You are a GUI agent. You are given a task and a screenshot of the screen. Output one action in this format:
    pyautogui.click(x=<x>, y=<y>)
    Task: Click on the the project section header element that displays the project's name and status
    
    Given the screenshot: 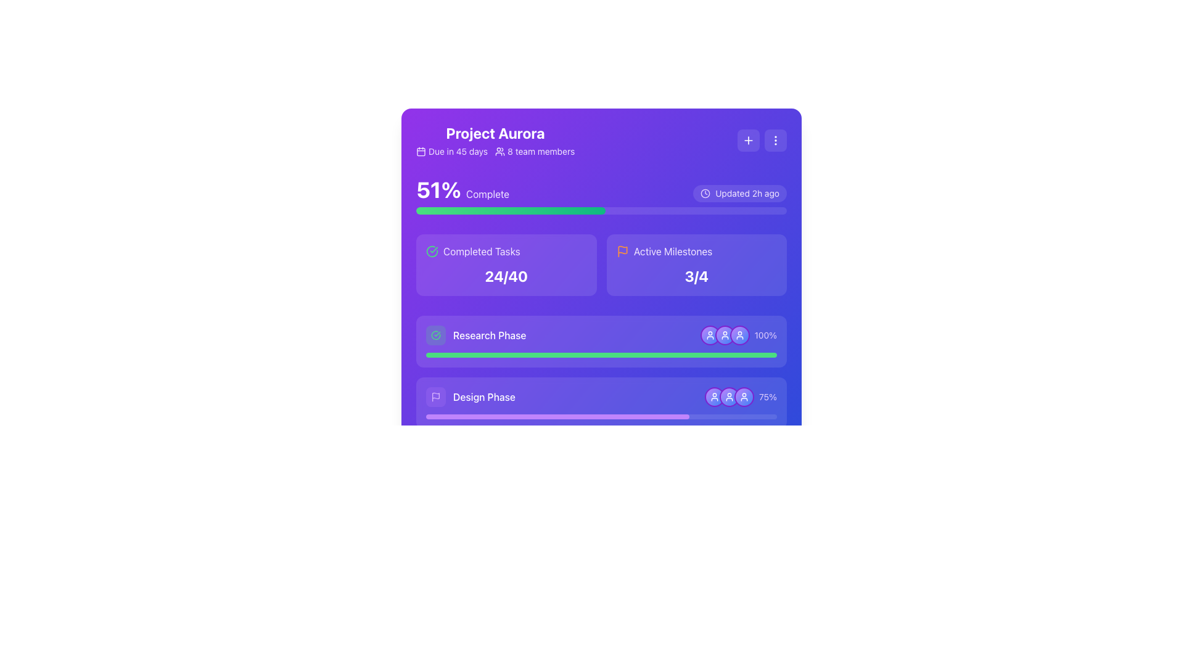 What is the action you would take?
    pyautogui.click(x=495, y=139)
    